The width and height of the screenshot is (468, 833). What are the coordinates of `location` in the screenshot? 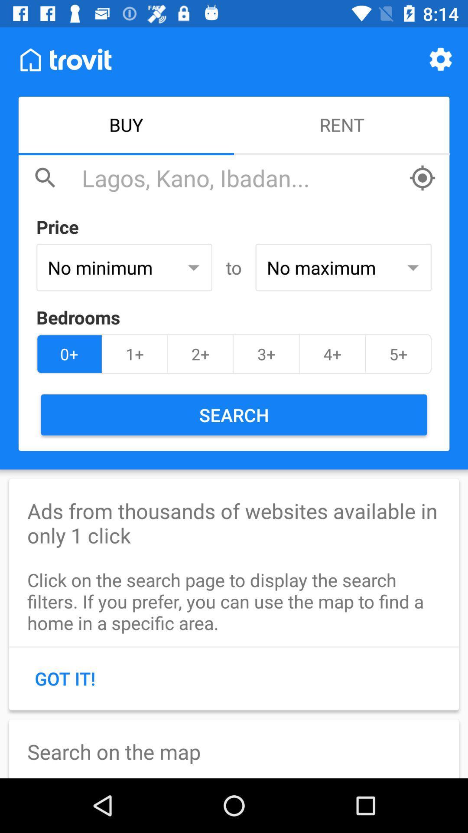 It's located at (422, 177).